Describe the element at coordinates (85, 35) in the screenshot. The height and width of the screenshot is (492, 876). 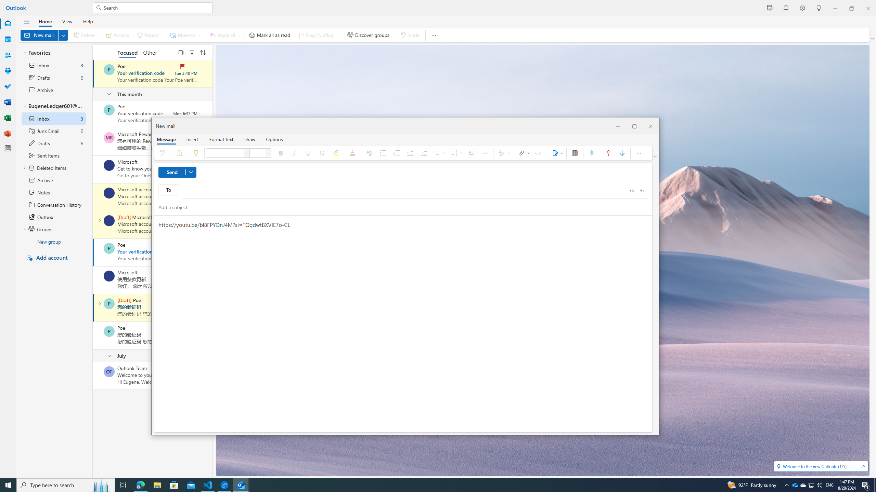
I see `'Delete'` at that location.